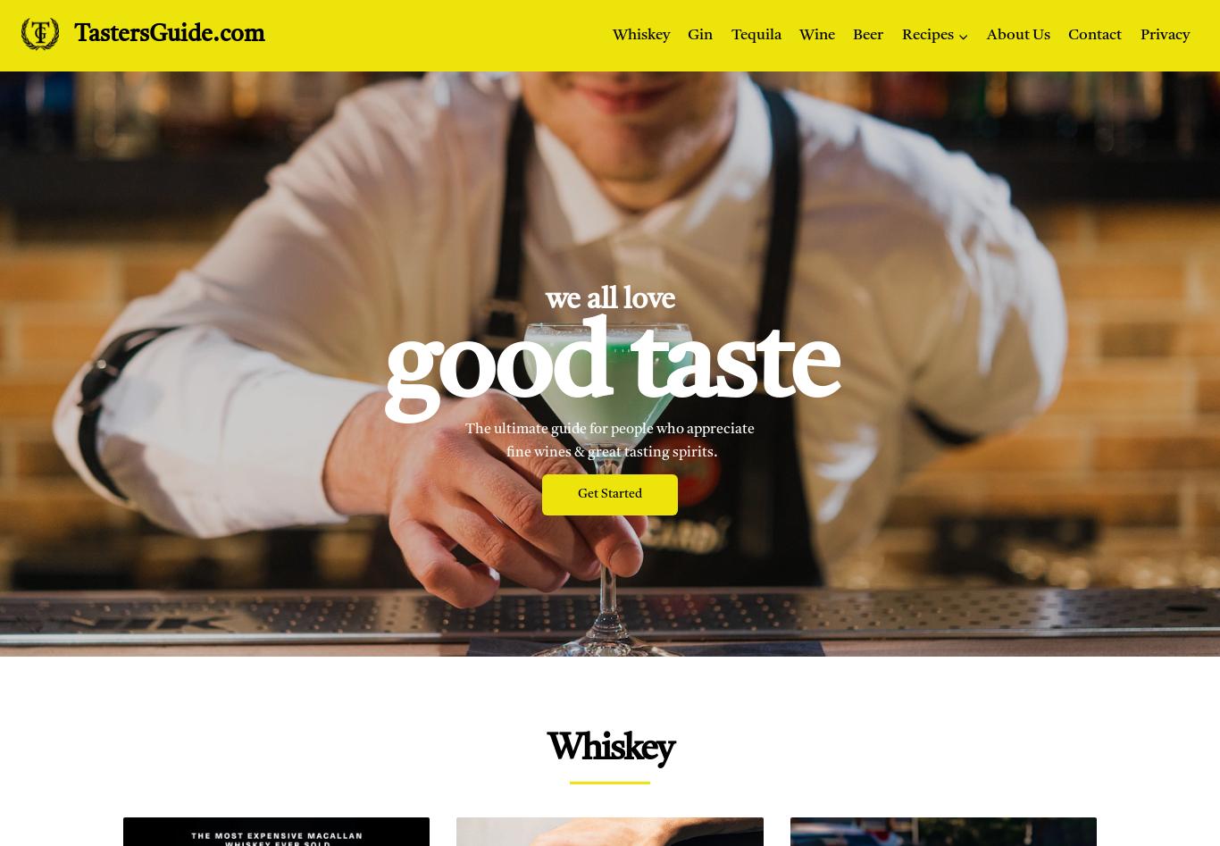 The width and height of the screenshot is (1220, 846). Describe the element at coordinates (610, 370) in the screenshot. I see `'good taste'` at that location.